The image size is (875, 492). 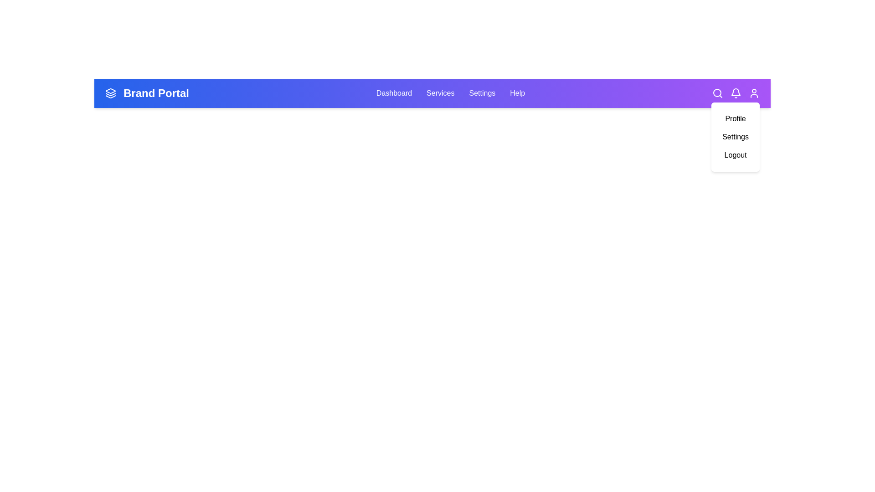 I want to click on the navigational text link for 'Settings' located in the top horizontal navigation bar, so click(x=481, y=93).